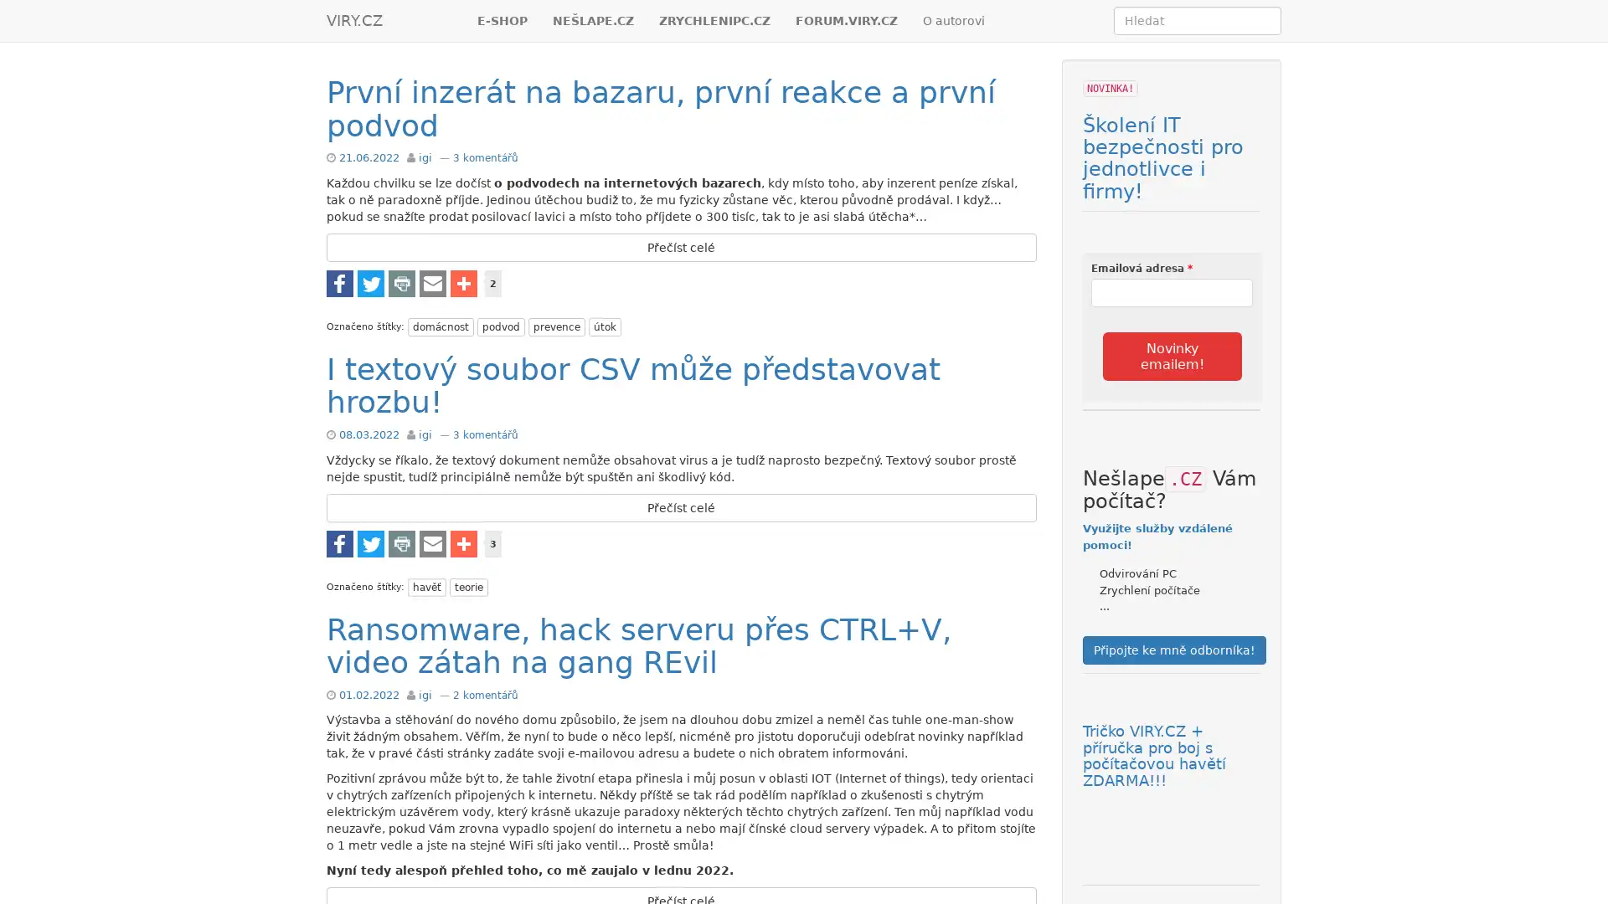  I want to click on Share to Vice..., so click(463, 542).